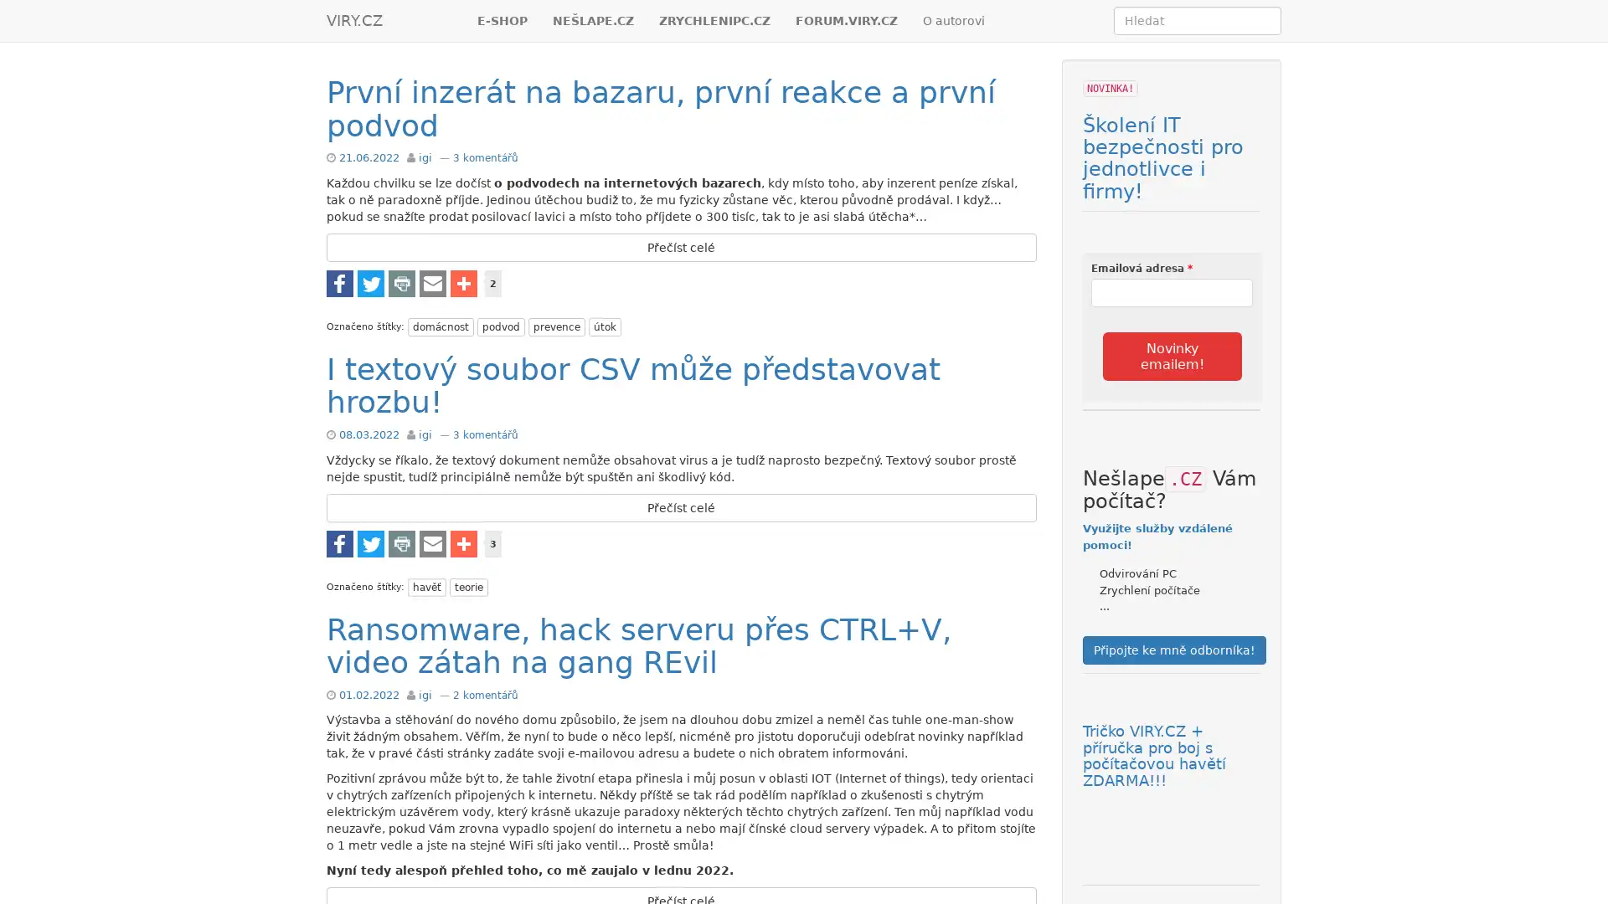  I want to click on Share to Vice..., so click(463, 542).